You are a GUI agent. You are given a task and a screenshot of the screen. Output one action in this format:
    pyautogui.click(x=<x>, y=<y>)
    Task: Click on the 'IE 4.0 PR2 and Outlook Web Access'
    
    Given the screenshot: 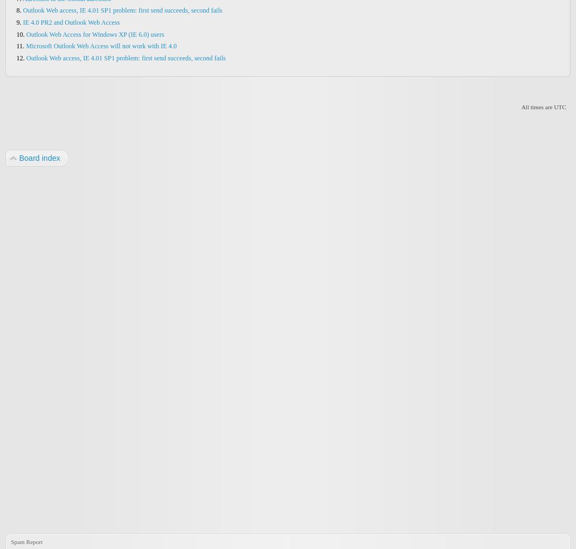 What is the action you would take?
    pyautogui.click(x=70, y=22)
    